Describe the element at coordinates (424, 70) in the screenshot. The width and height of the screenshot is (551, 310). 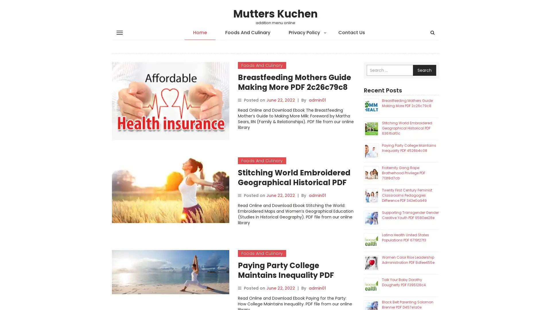
I see `Search` at that location.